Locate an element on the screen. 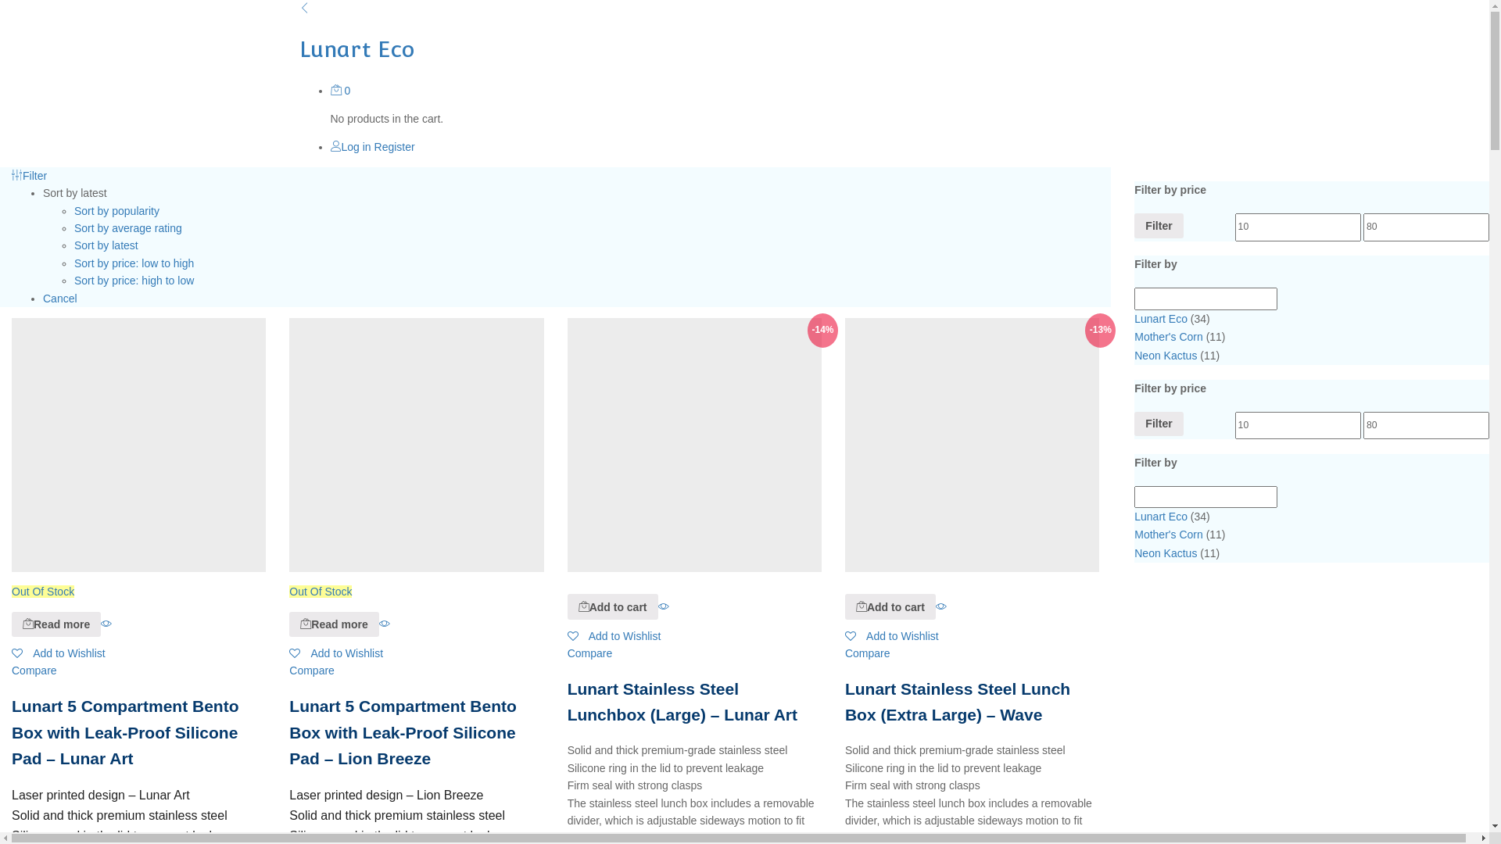  'Read more' is located at coordinates (56, 623).